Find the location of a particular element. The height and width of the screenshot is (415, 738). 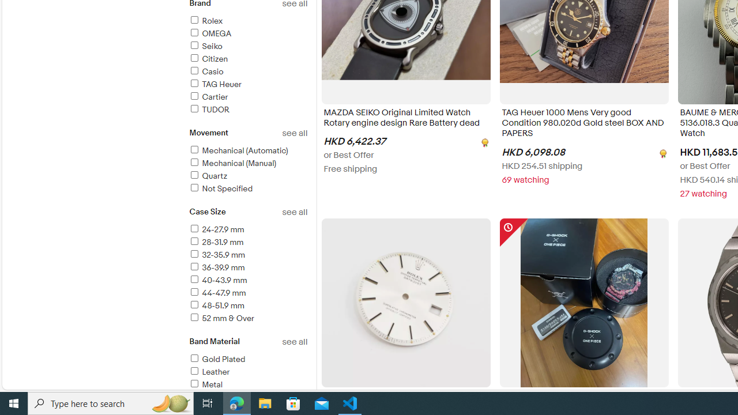

'48-51.9 mm' is located at coordinates (216, 305).